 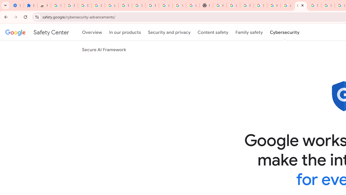 I want to click on 'Delete photos & videos - Computer - Google Photos Help', so click(x=98, y=5).